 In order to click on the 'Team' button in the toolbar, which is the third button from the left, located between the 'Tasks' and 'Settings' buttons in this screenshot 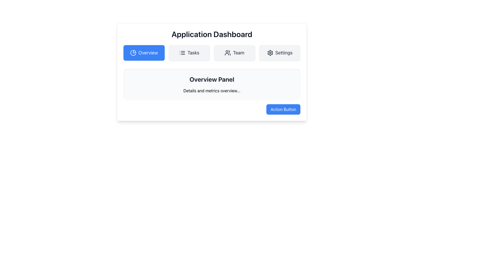, I will do `click(228, 53)`.